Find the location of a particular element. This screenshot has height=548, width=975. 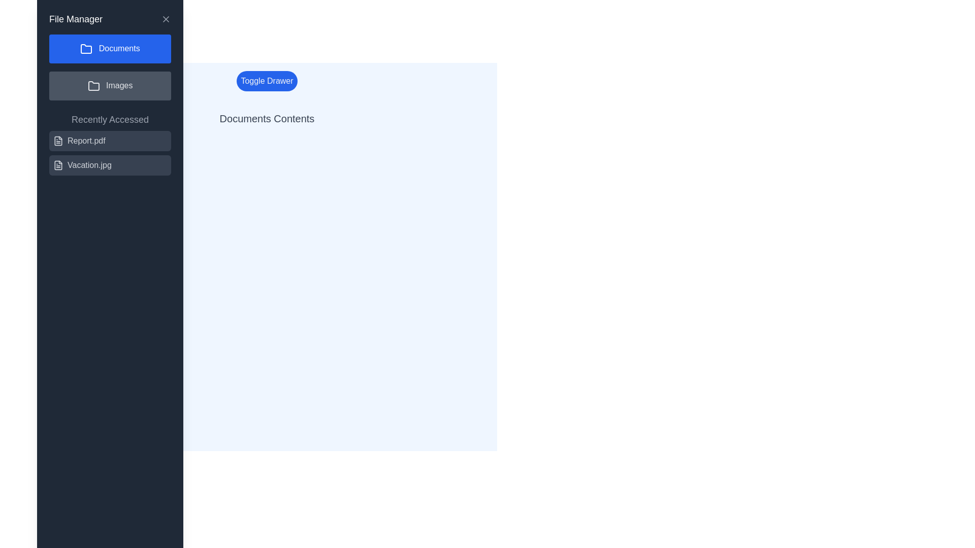

the first file list item labeled 'Report.pdf' in the File Manager's Recently Accessed section for file management actions is located at coordinates (110, 153).